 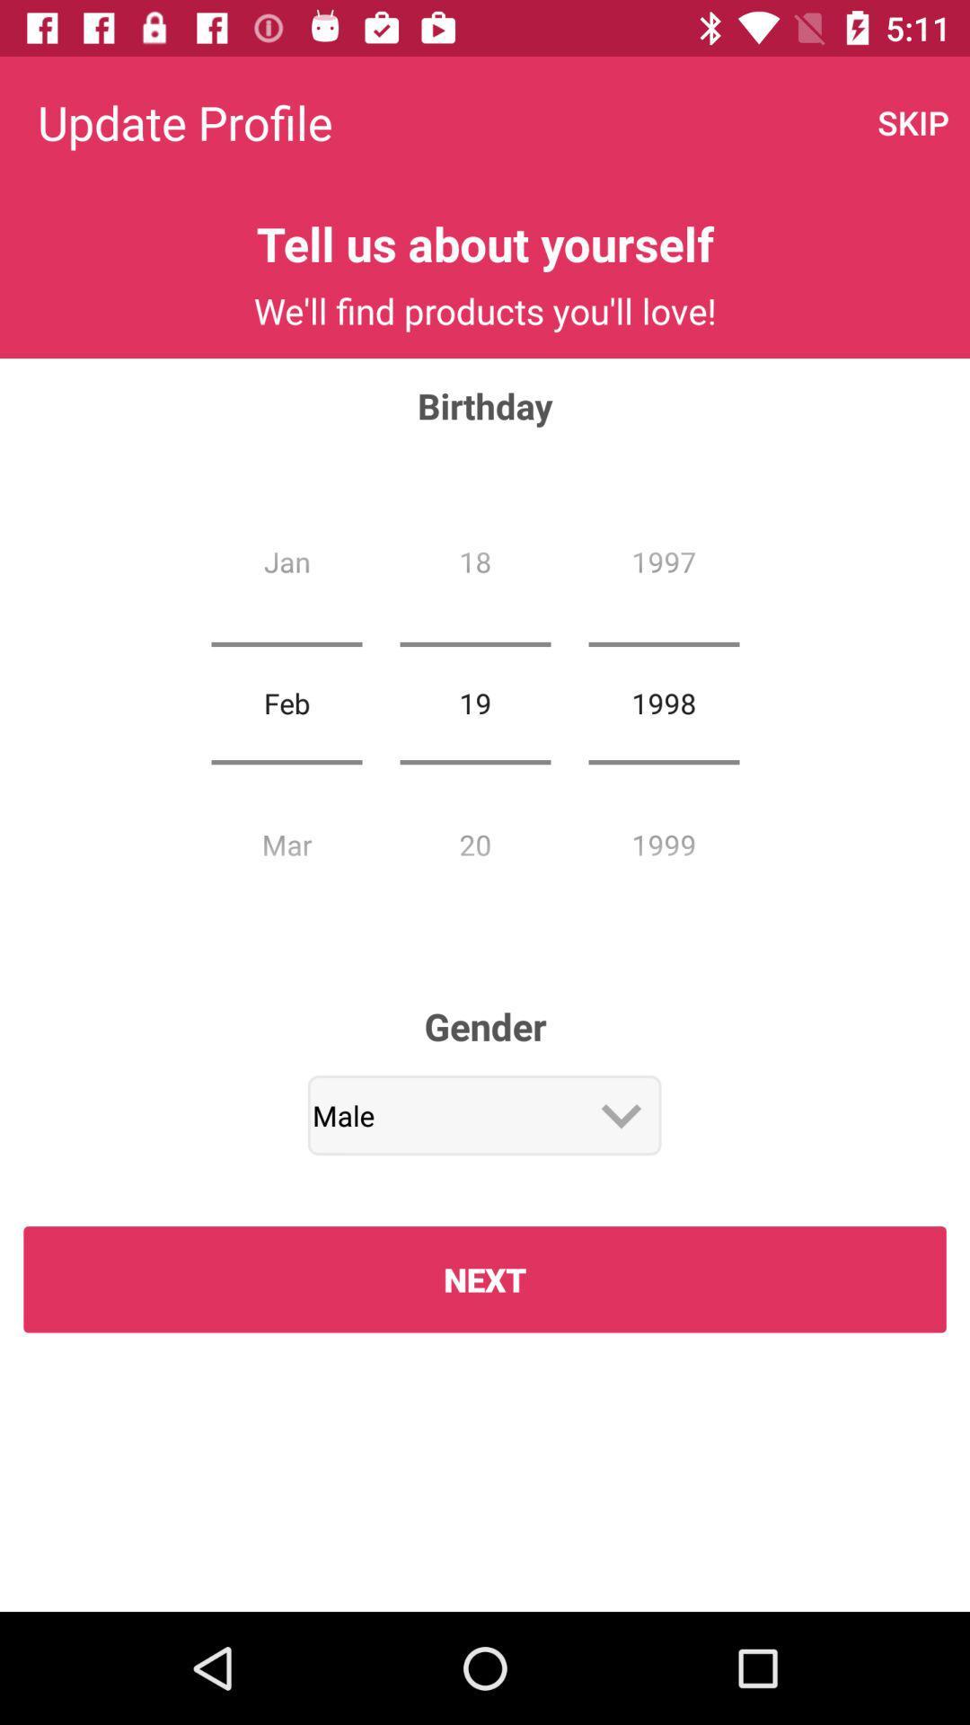 What do you see at coordinates (664, 702) in the screenshot?
I see `icon to the right of the 19` at bounding box center [664, 702].